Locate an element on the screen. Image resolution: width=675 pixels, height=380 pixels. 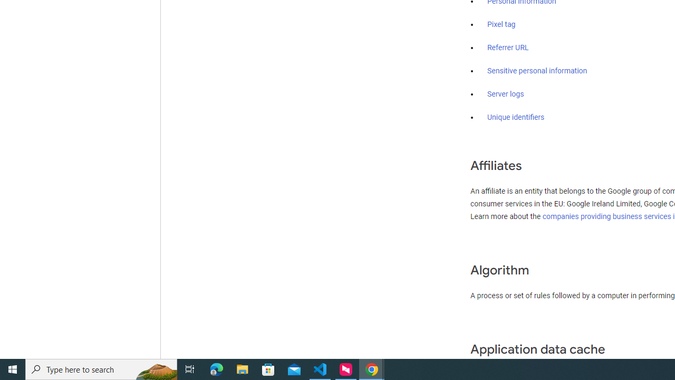
'Server logs' is located at coordinates (505, 93).